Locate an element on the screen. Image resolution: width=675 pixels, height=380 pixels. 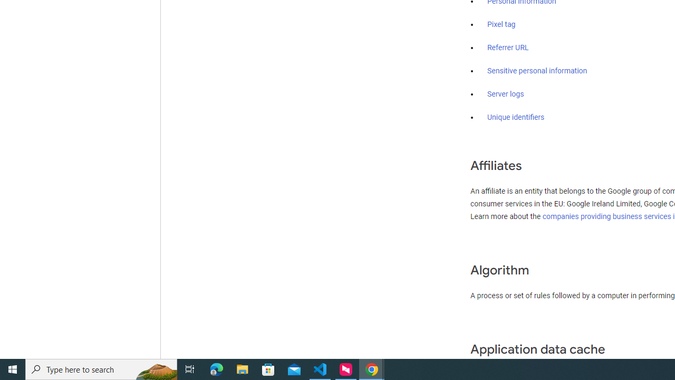
'Server logs' is located at coordinates (505, 93).